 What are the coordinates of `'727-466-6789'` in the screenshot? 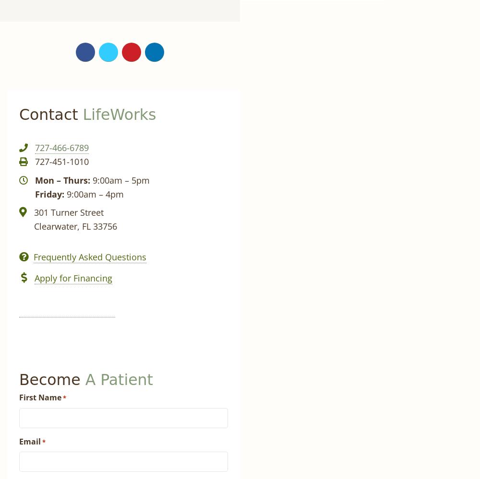 It's located at (35, 147).